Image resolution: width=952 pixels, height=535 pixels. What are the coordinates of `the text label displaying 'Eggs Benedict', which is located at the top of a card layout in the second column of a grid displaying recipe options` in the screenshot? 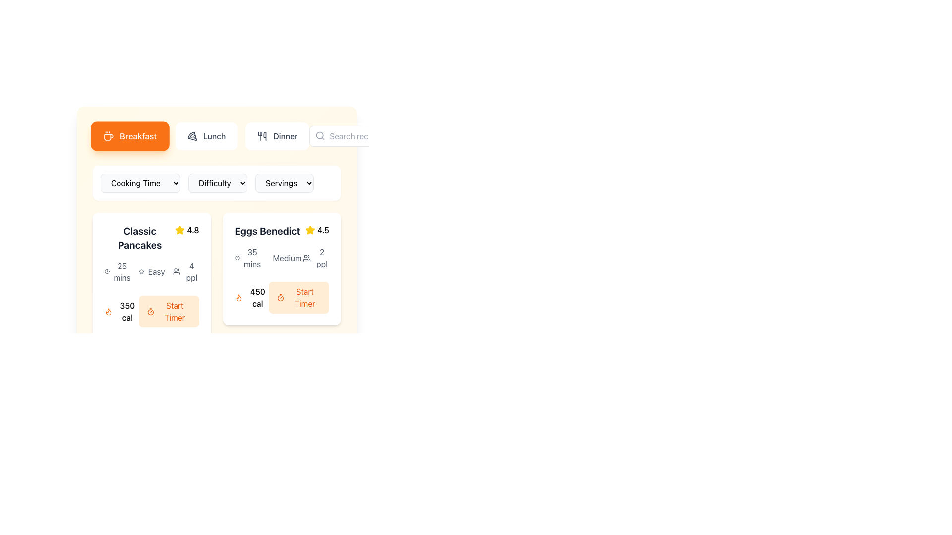 It's located at (267, 231).